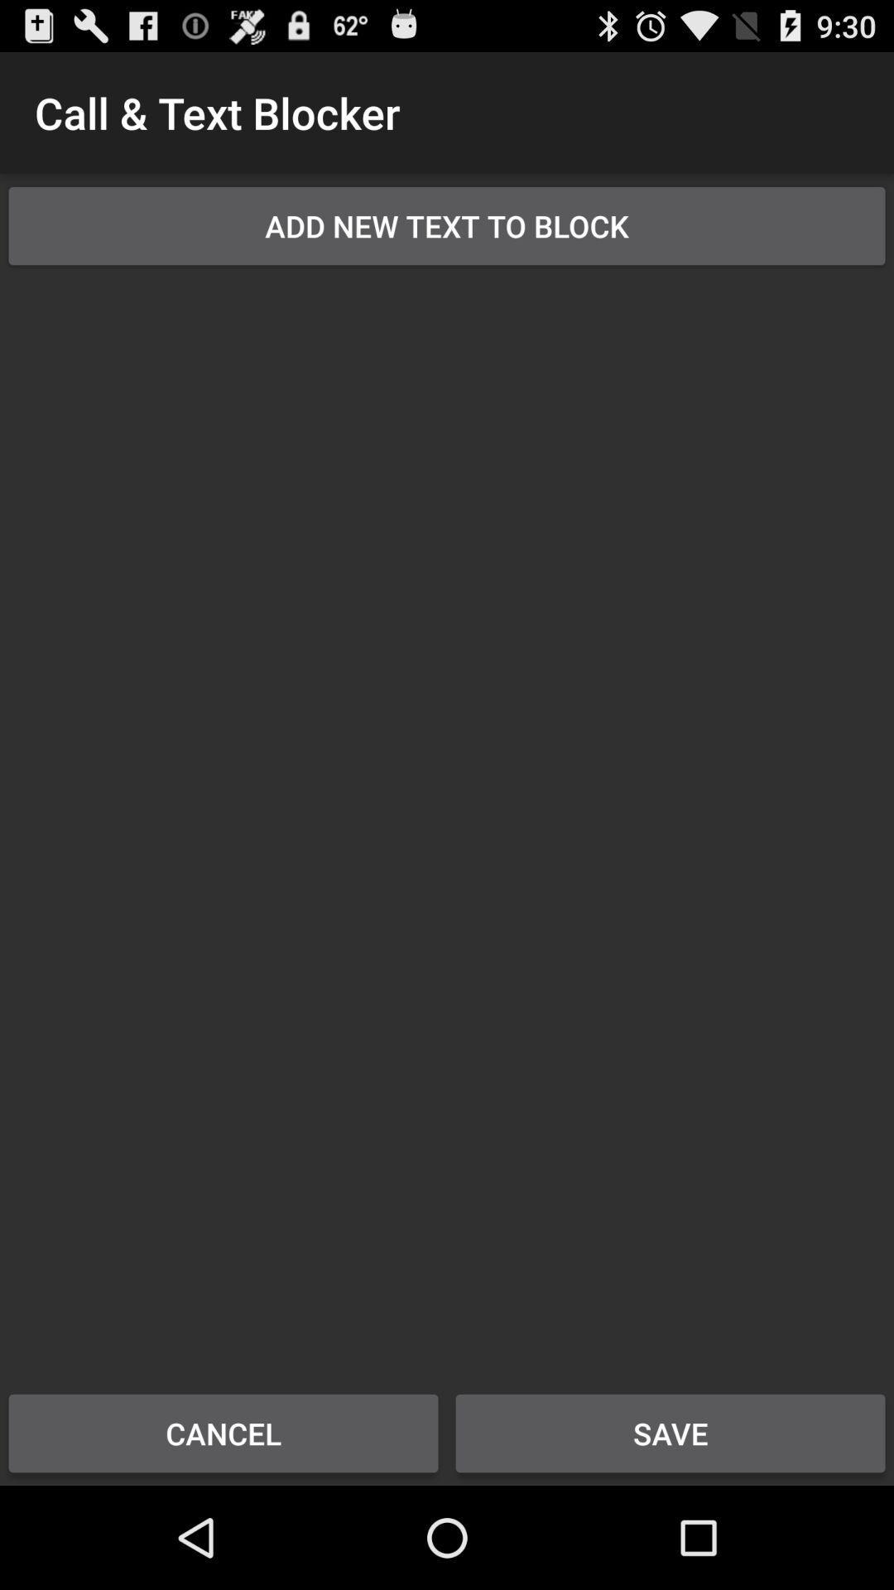  Describe the element at coordinates (670, 1433) in the screenshot. I see `the item at the bottom right corner` at that location.